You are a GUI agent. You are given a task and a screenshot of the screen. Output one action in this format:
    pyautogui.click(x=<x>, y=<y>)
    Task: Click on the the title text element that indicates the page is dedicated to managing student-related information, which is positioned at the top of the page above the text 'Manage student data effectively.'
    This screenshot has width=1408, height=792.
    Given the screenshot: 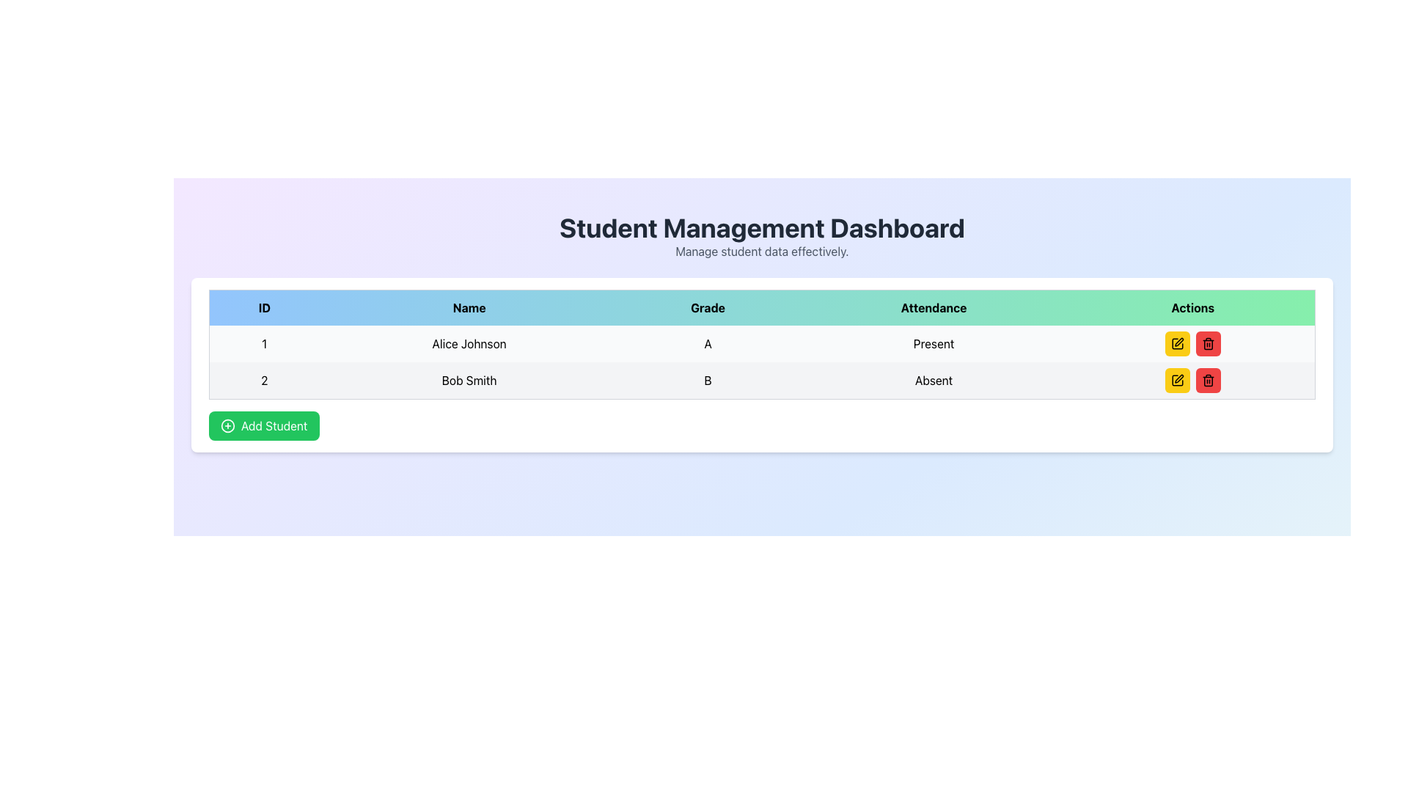 What is the action you would take?
    pyautogui.click(x=762, y=228)
    